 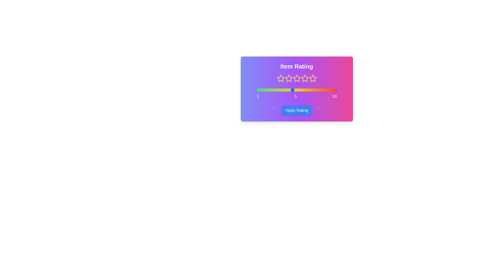 What do you see at coordinates (310, 89) in the screenshot?
I see `the slider to set the rating to 7` at bounding box center [310, 89].